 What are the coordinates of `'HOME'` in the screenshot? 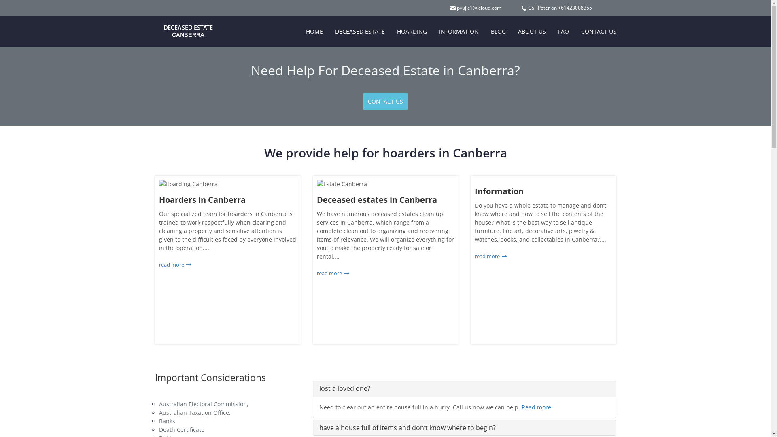 It's located at (314, 31).